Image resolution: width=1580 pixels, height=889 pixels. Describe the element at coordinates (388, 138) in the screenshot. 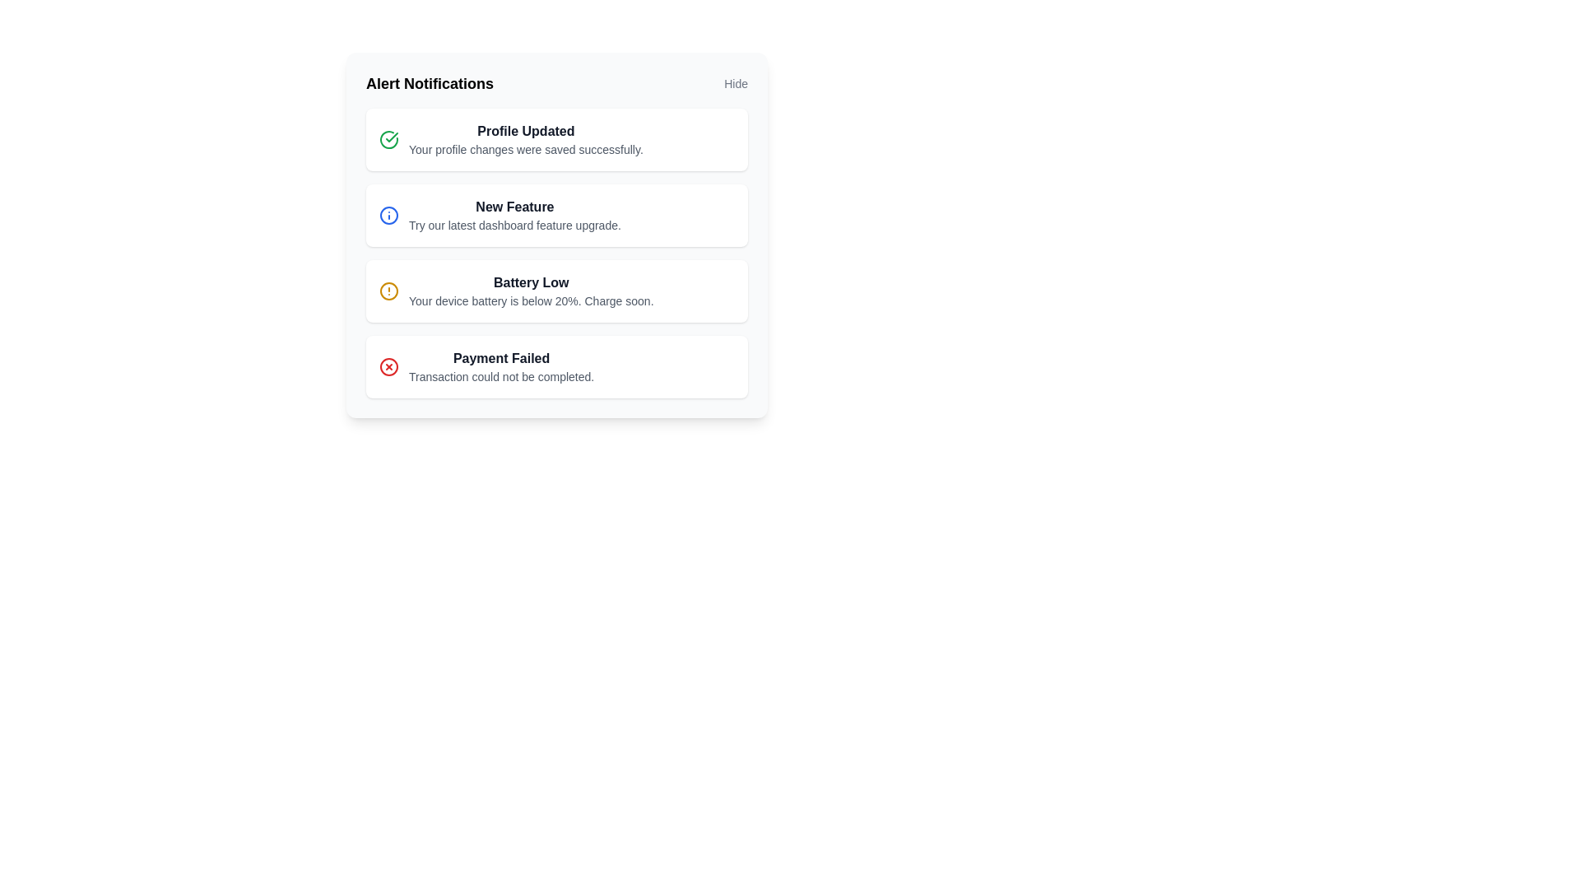

I see `the circular green icon with a checkmark, located to the left of the text 'Profile Updated' in the first alert notification box` at that location.